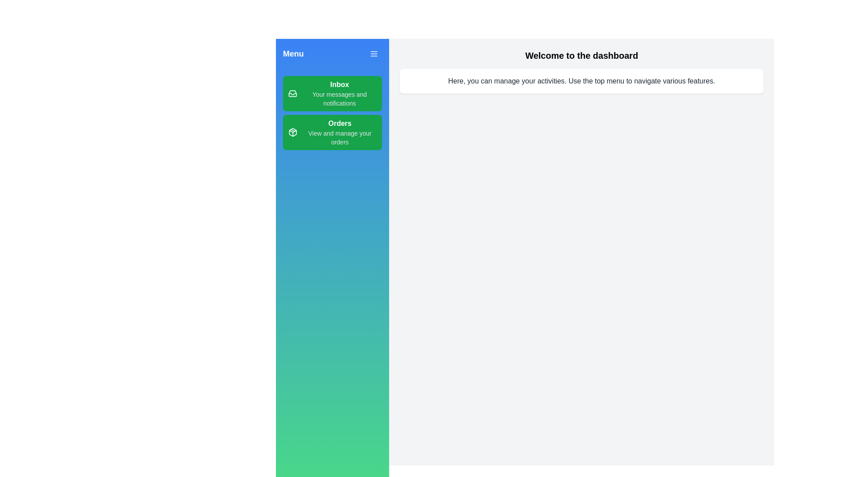  Describe the element at coordinates (374, 54) in the screenshot. I see `the drawer toggle button to toggle the drawer open or closed` at that location.